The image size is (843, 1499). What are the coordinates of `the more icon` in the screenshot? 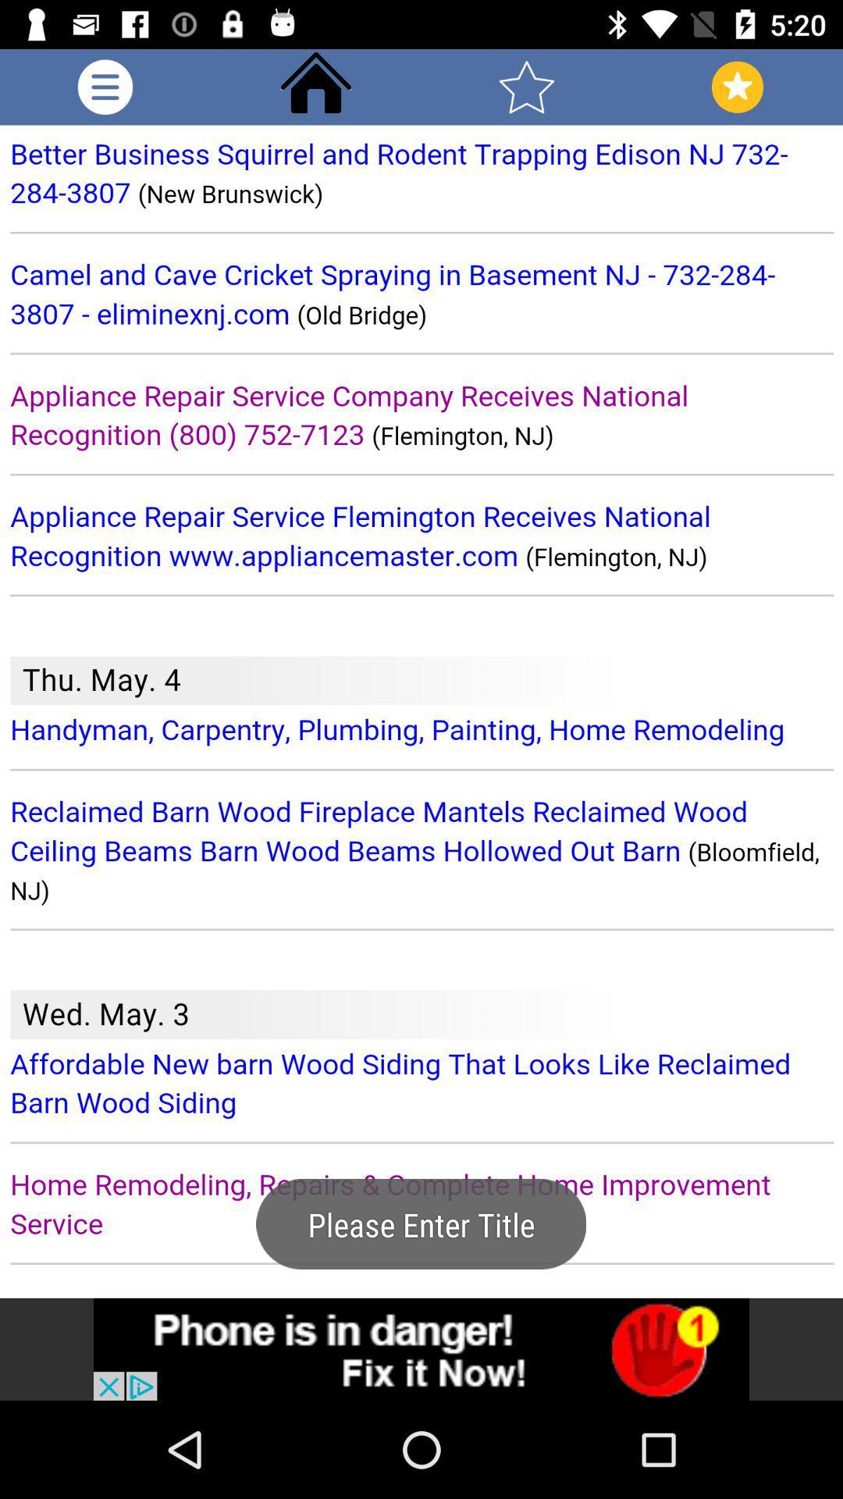 It's located at (105, 86).